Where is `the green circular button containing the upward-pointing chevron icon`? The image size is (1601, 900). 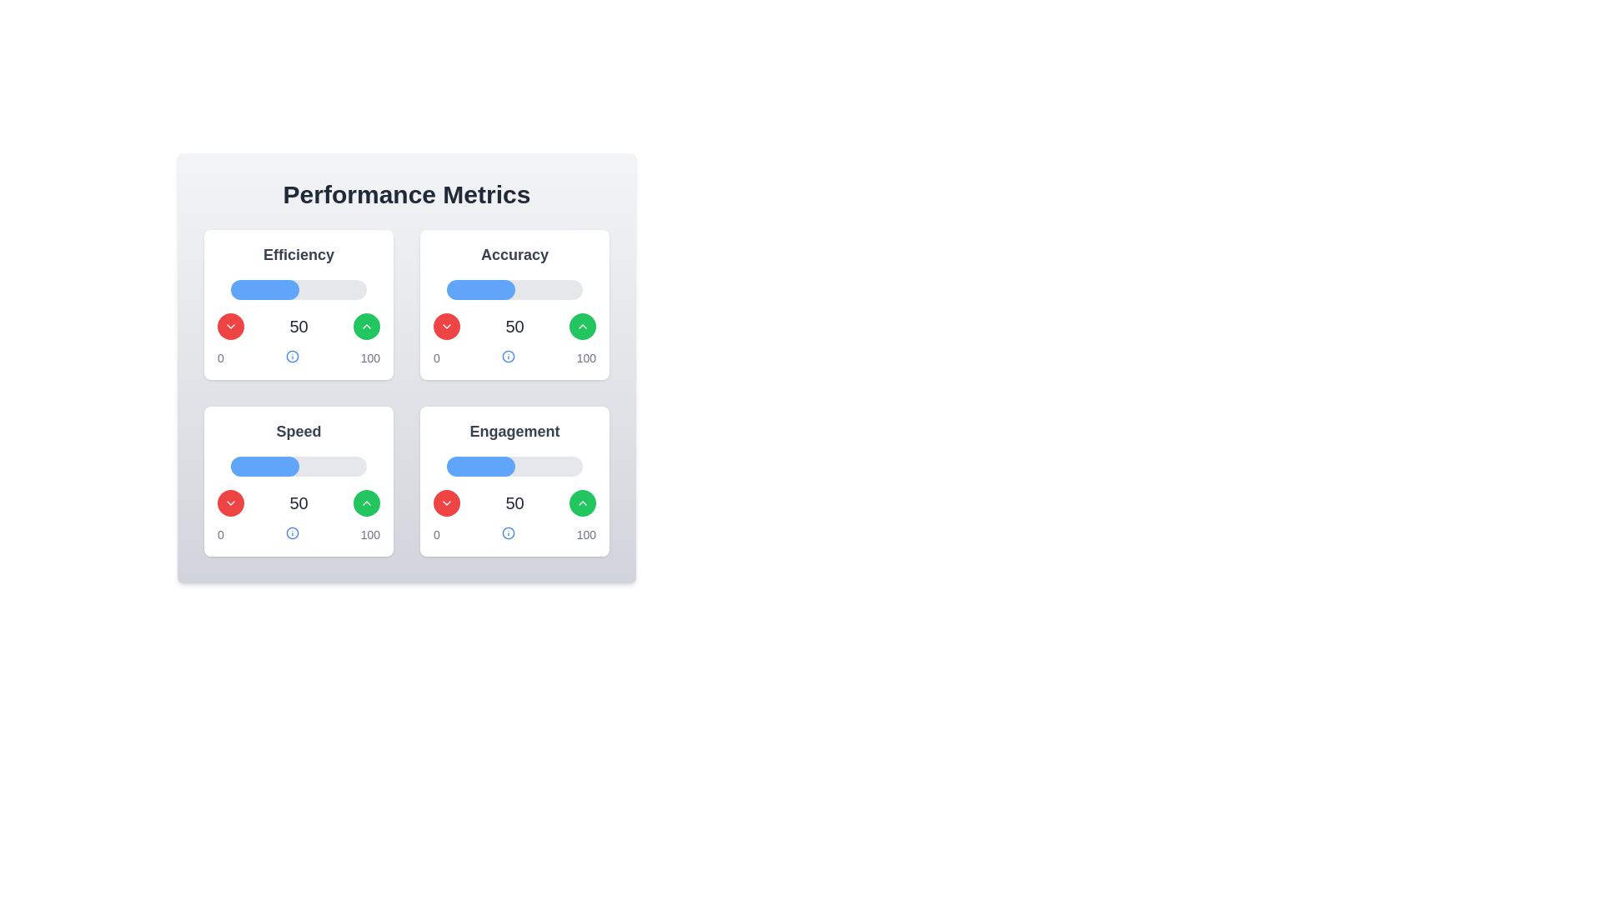
the green circular button containing the upward-pointing chevron icon is located at coordinates (583, 502).